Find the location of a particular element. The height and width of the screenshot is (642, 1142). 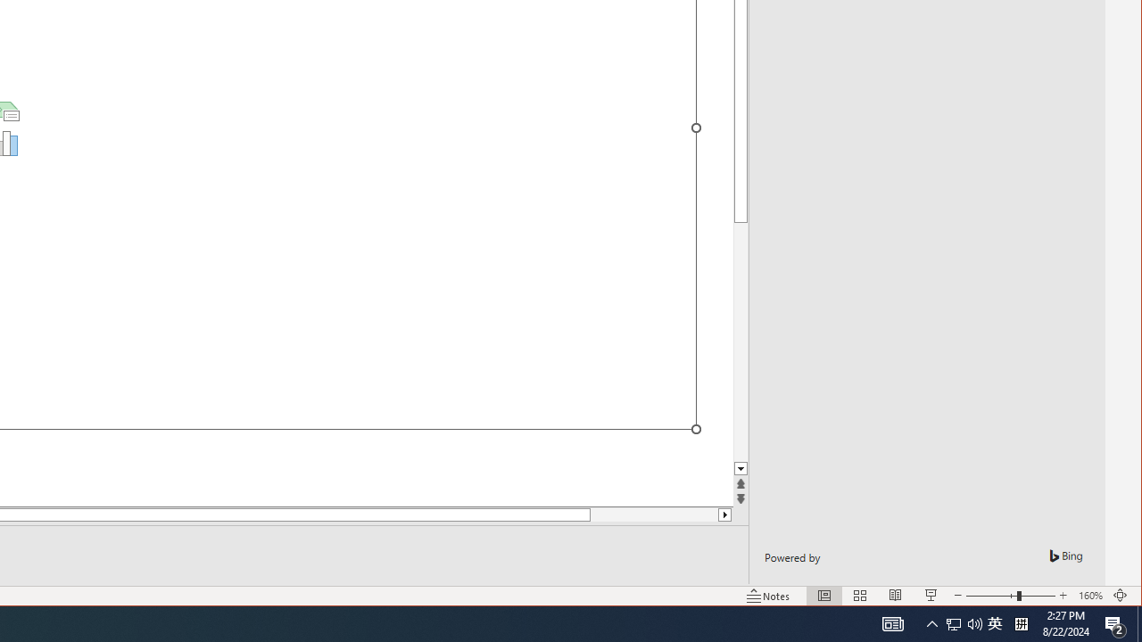

'Normal' is located at coordinates (823, 596).